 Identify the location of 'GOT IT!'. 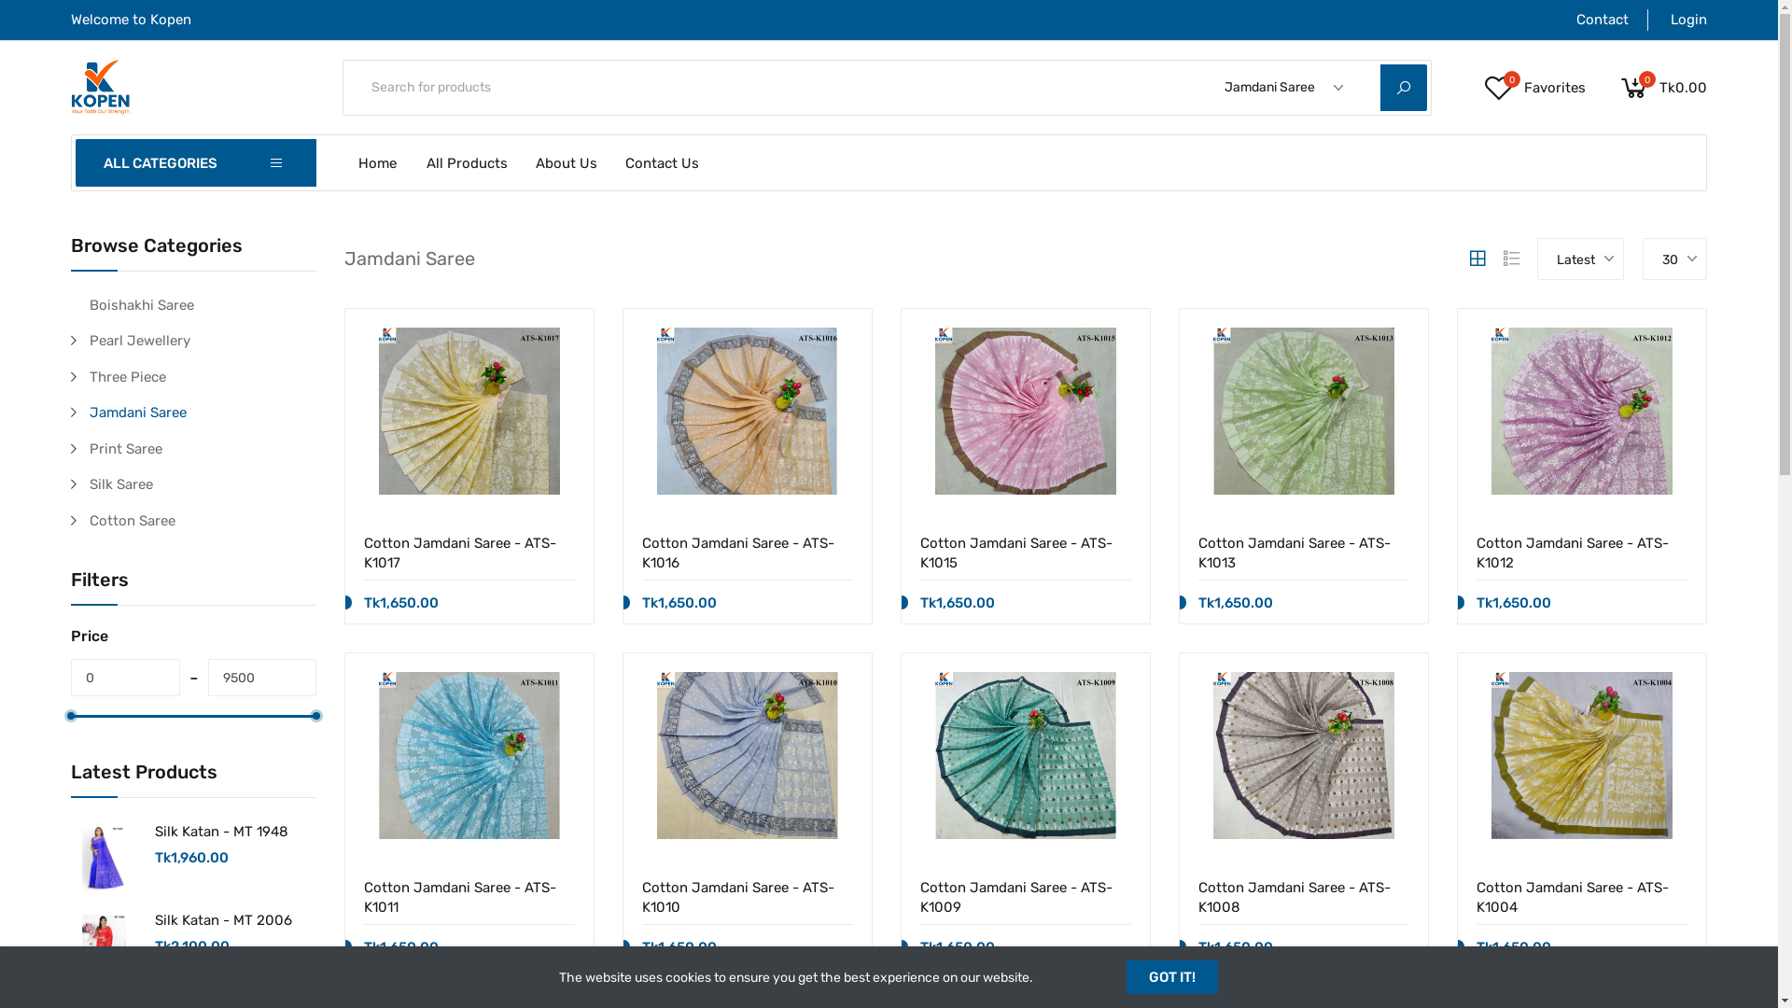
(1171, 975).